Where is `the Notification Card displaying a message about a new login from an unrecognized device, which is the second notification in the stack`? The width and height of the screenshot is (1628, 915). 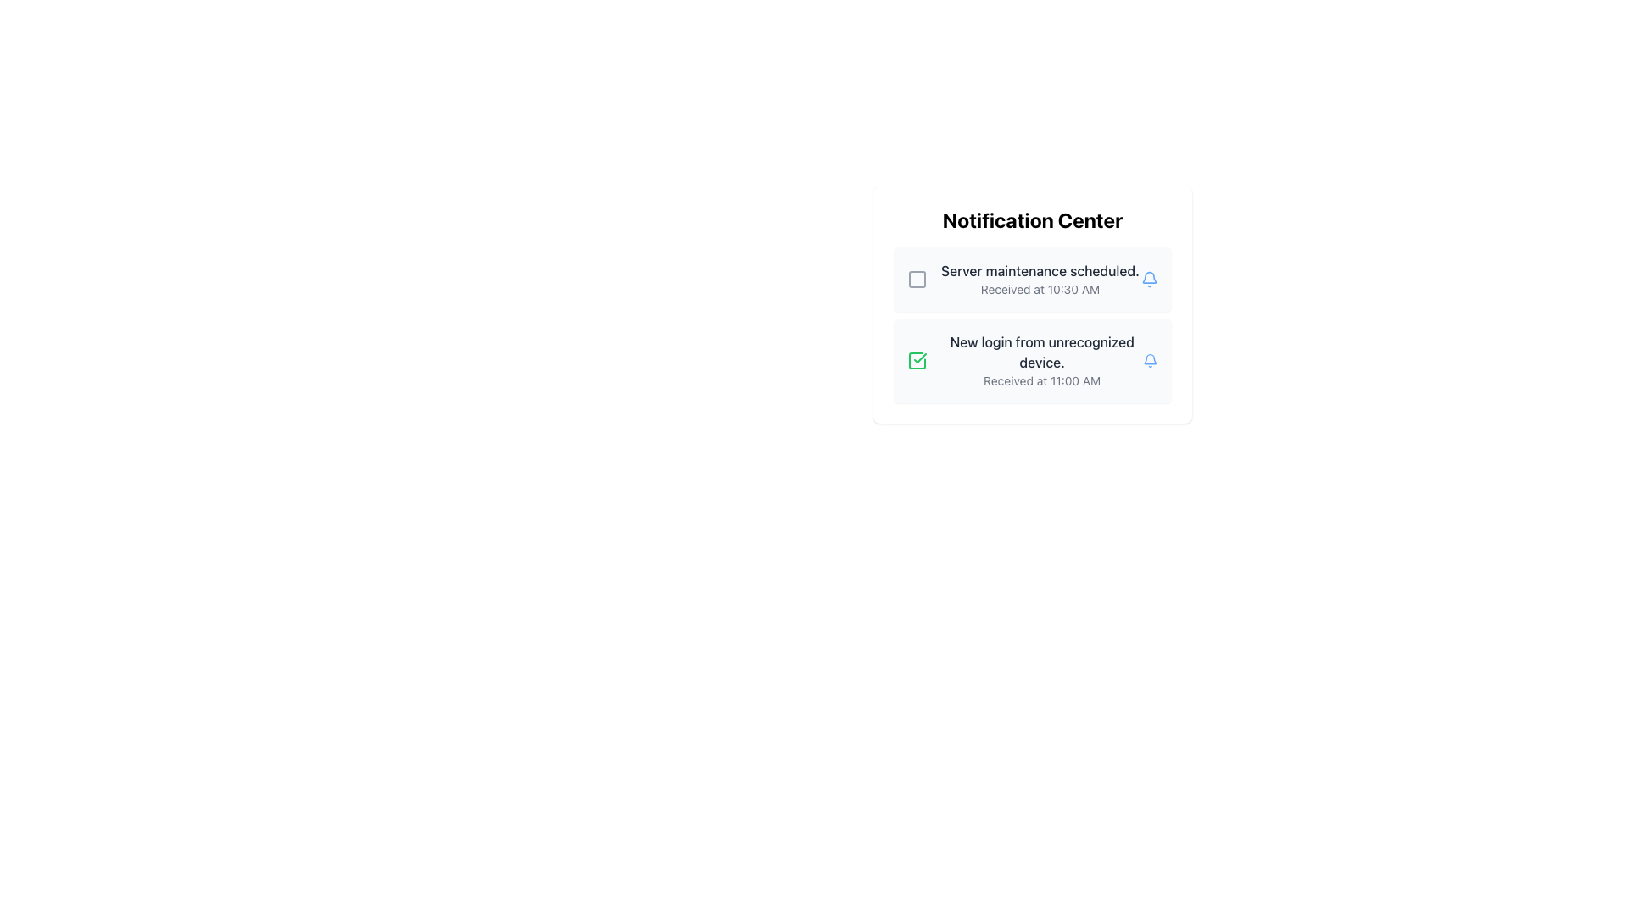
the Notification Card displaying a message about a new login from an unrecognized device, which is the second notification in the stack is located at coordinates (1032, 359).